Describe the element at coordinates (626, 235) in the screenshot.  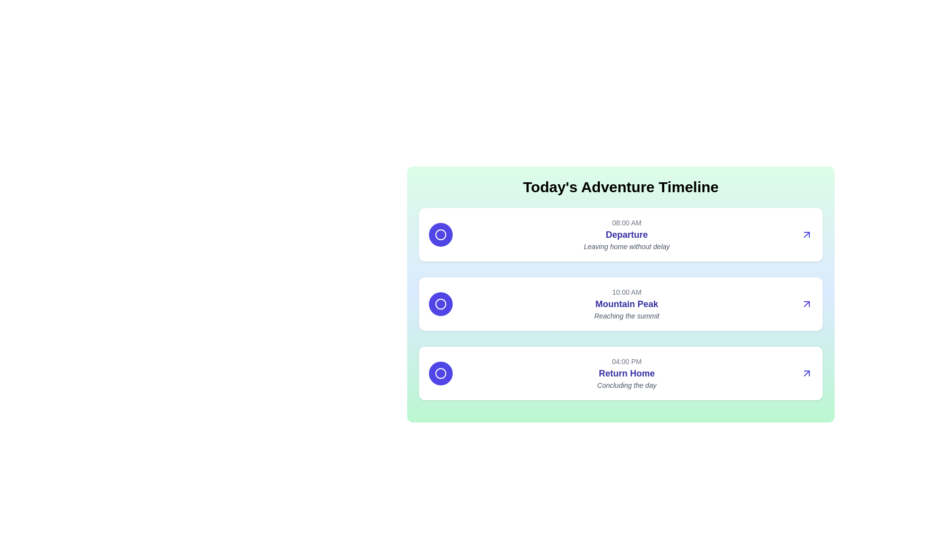
I see `the Text Label that serves as a heading for the timeline item, located between the time '08:00 AM' above it and the descriptive text 'Leaving home without delay' below it` at that location.